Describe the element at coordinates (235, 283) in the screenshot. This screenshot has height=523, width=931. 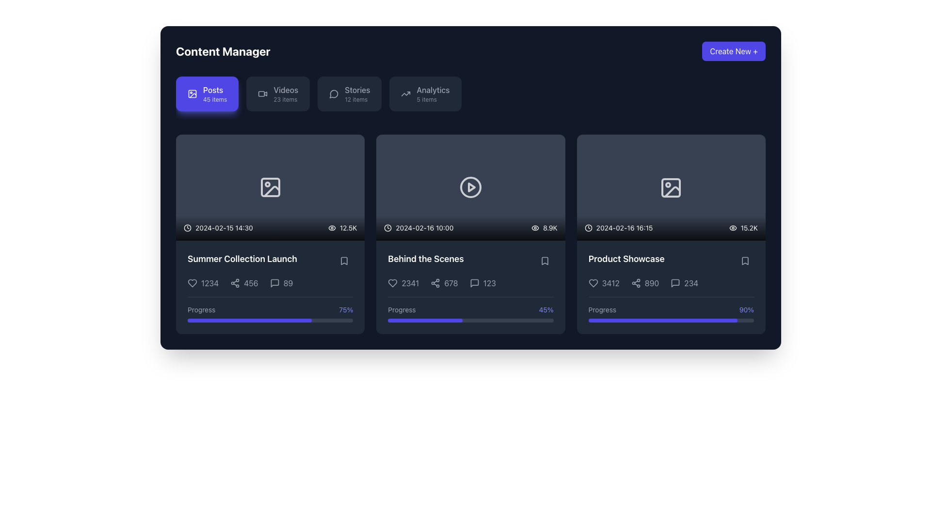
I see `the share icon located to the left of the numeric text '456' in the 'Summer Collection Launch' card` at that location.